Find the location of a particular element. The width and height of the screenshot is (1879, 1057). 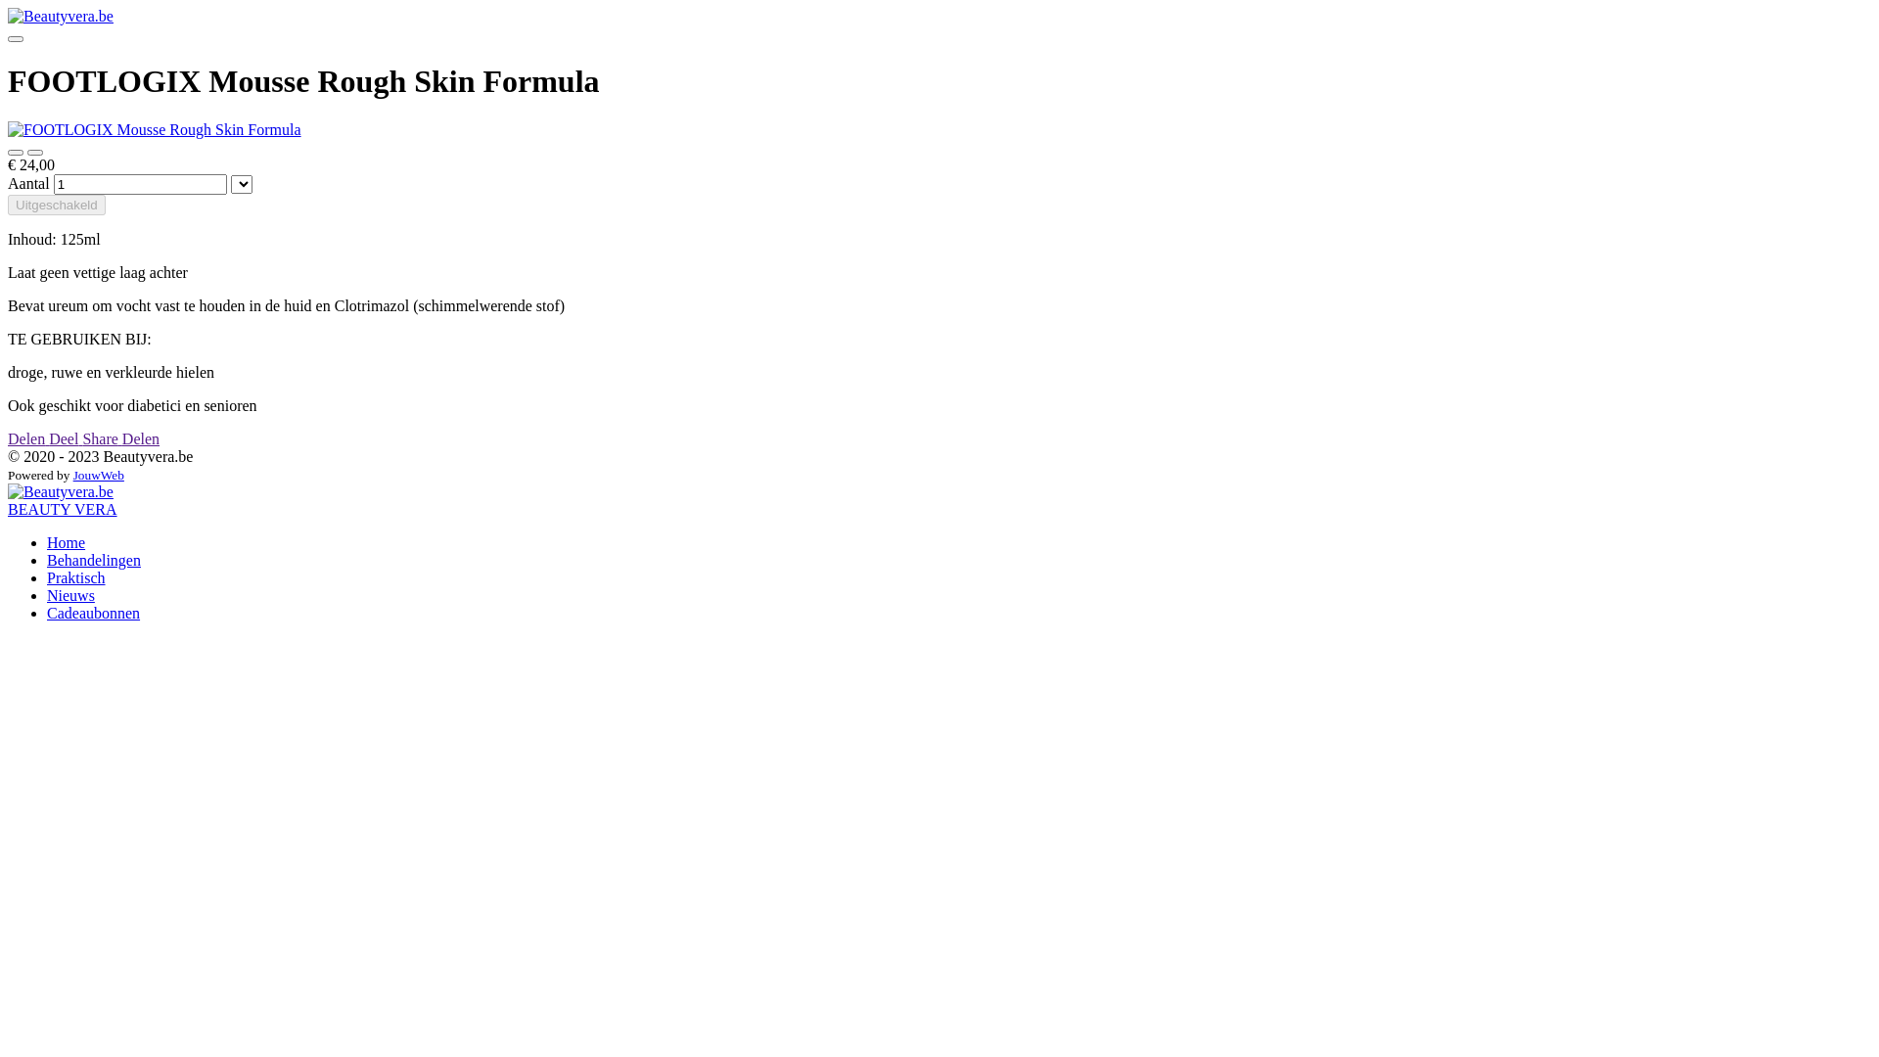

'Deel' is located at coordinates (66, 437).